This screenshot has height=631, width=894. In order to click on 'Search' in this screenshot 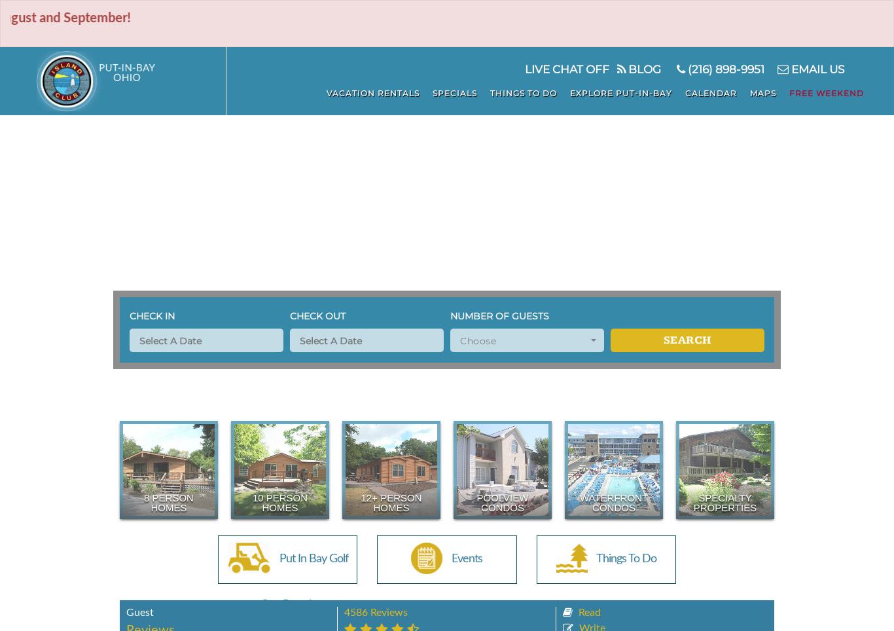, I will do `click(686, 339)`.